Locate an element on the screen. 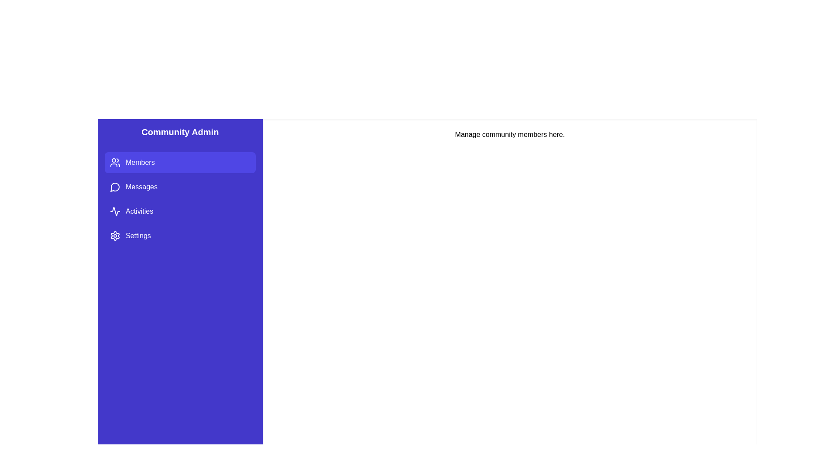  the 'Members' text label in the navigation menu is located at coordinates (140, 163).